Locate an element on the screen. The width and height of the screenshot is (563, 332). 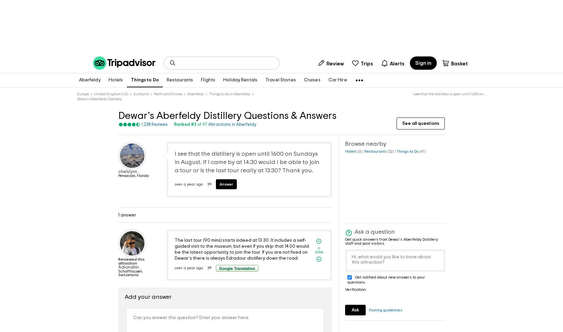
'Pensacola, Florida' is located at coordinates (134, 176).